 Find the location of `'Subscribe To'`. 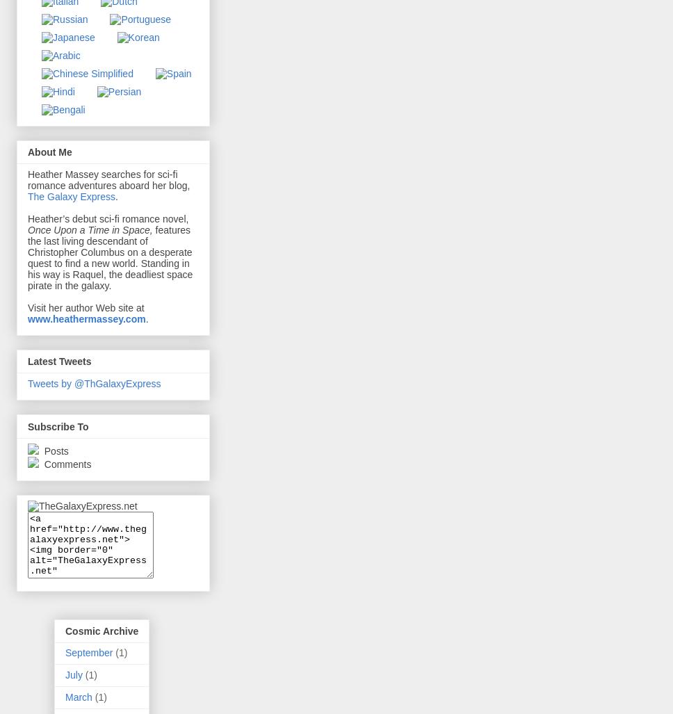

'Subscribe To' is located at coordinates (58, 426).